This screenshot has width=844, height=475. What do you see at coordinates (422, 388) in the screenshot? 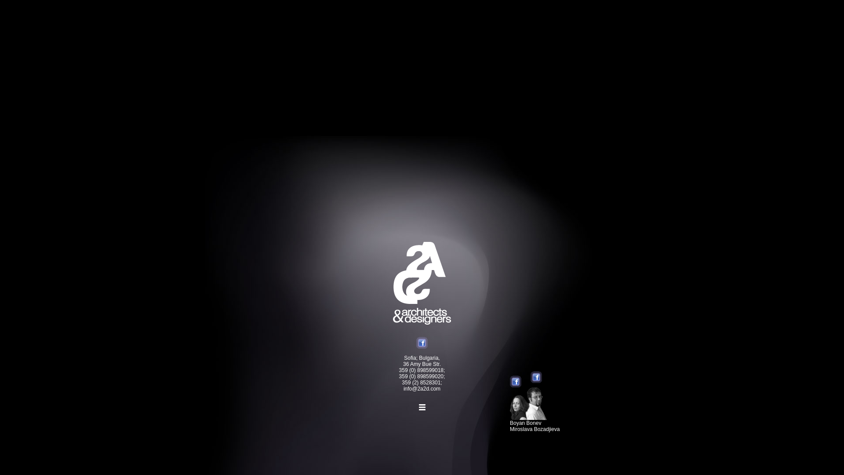
I see `'info@2a2d.com'` at bounding box center [422, 388].